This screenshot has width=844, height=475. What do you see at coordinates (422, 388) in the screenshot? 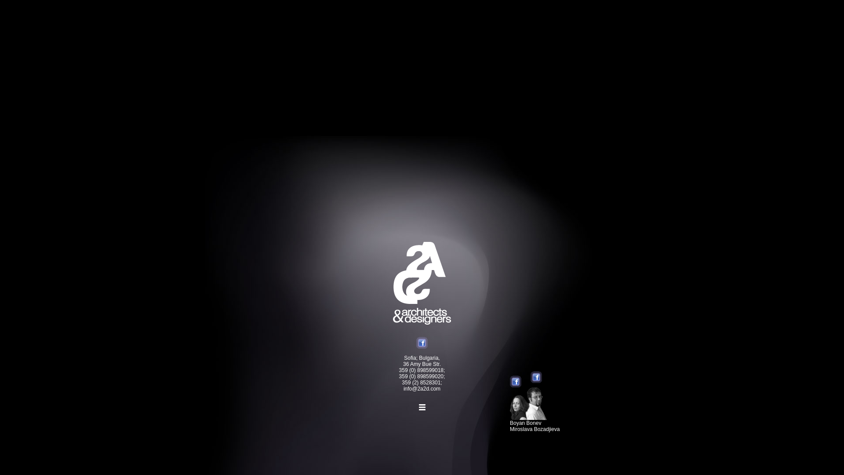
I see `'info@2a2d.com'` at bounding box center [422, 388].